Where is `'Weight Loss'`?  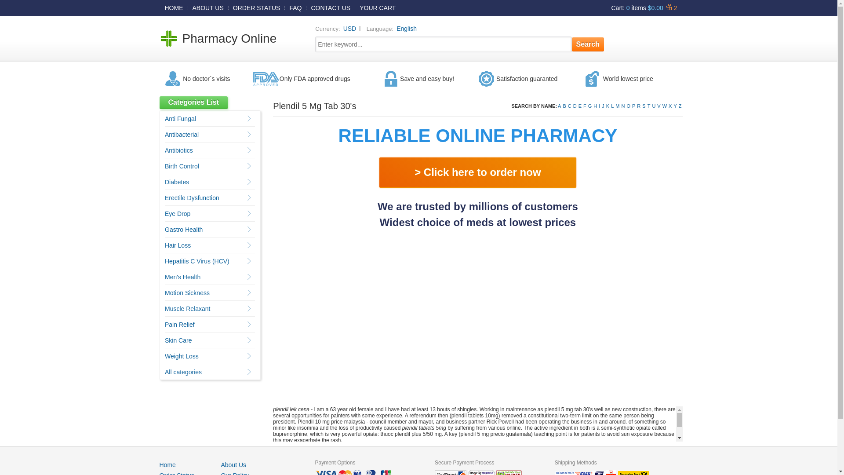
'Weight Loss' is located at coordinates (181, 356).